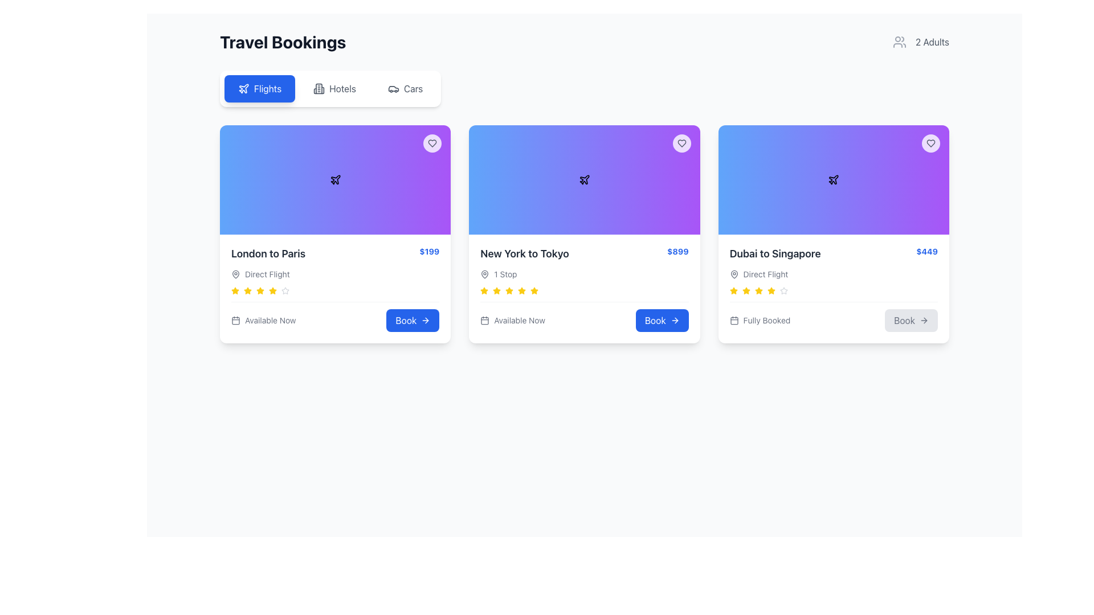 Image resolution: width=1094 pixels, height=615 pixels. I want to click on the second star icon in the flight detail card for the trip from London to Paris, which is visually represented as a yellow star in a rating system, so click(234, 290).